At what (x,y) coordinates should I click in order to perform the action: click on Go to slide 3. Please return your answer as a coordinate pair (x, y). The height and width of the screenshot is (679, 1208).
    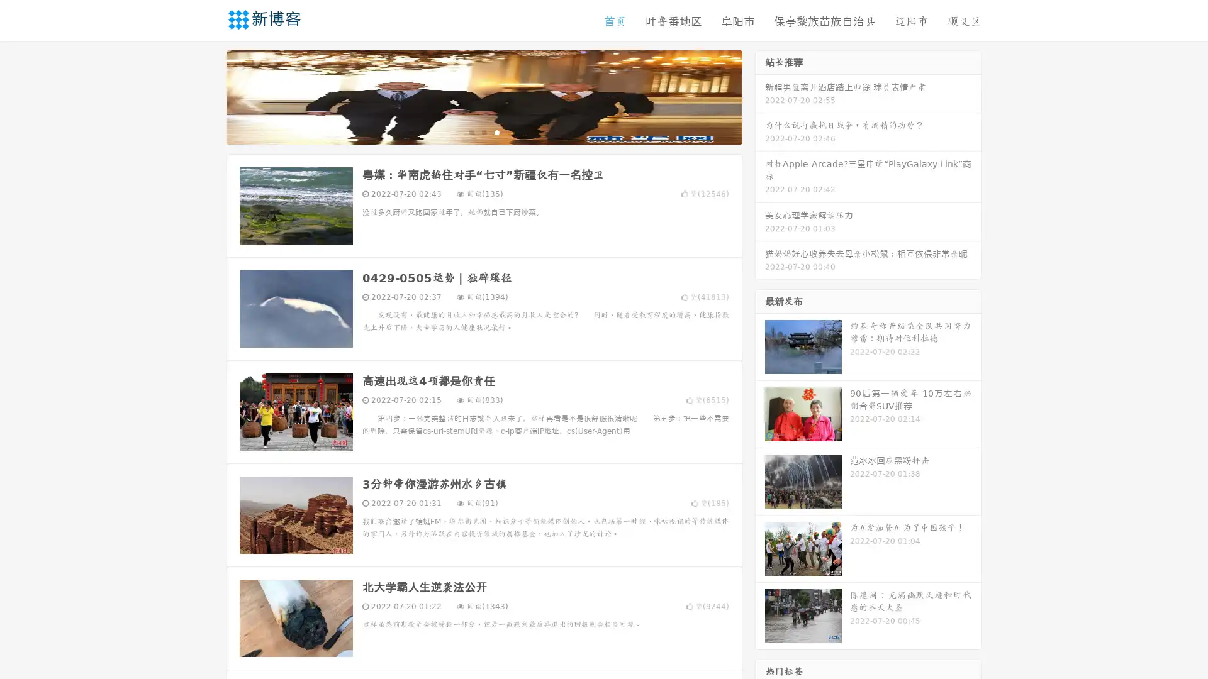
    Looking at the image, I should click on (496, 141).